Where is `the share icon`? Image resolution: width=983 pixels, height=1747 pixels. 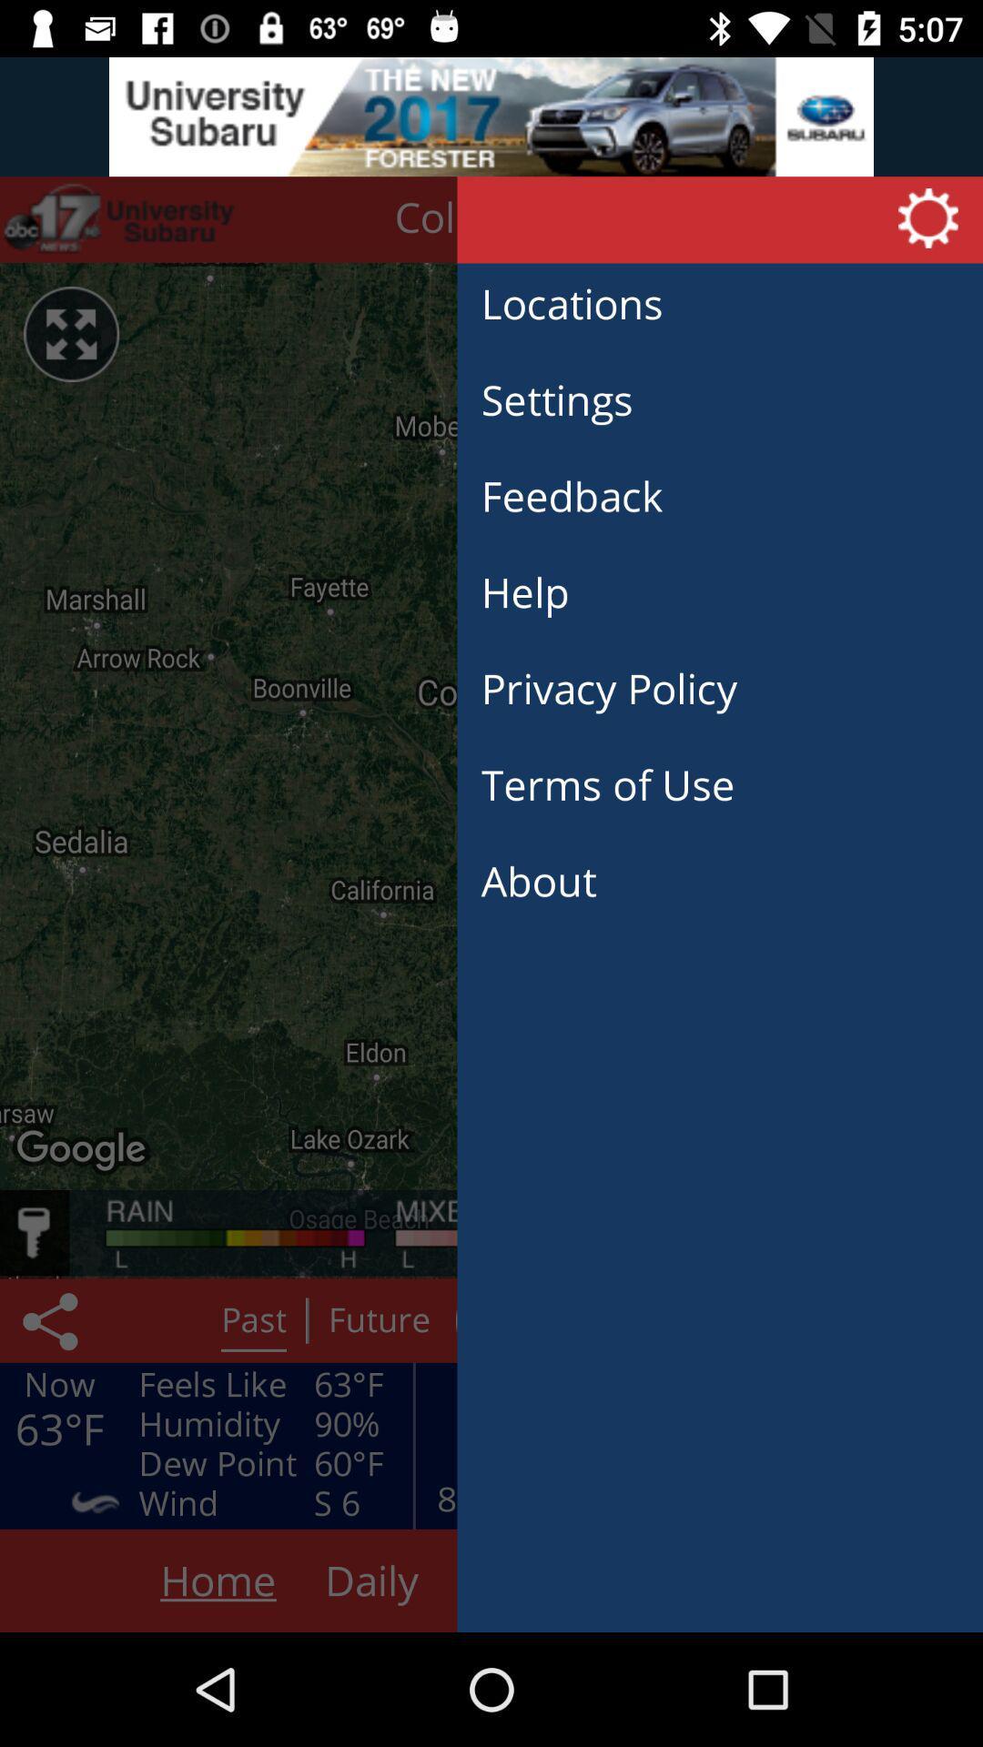
the share icon is located at coordinates (53, 1320).